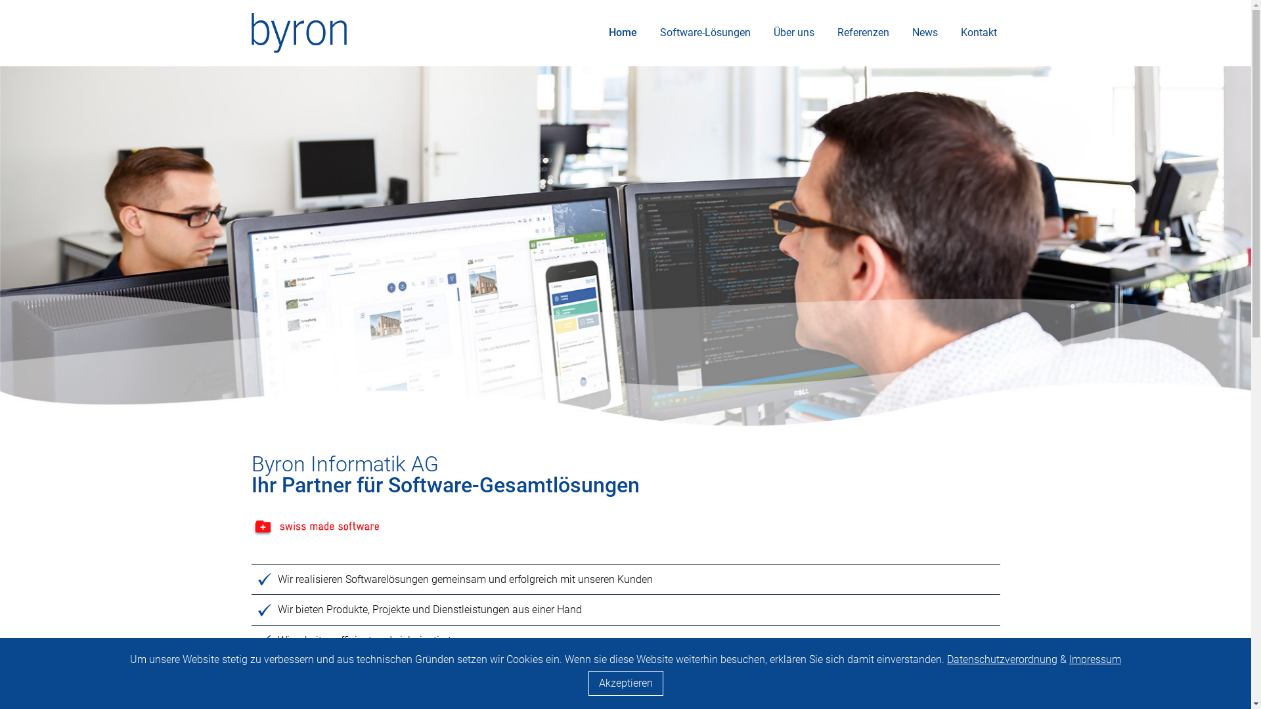 This screenshot has height=709, width=1261. What do you see at coordinates (298, 31) in the screenshot?
I see `'Home'` at bounding box center [298, 31].